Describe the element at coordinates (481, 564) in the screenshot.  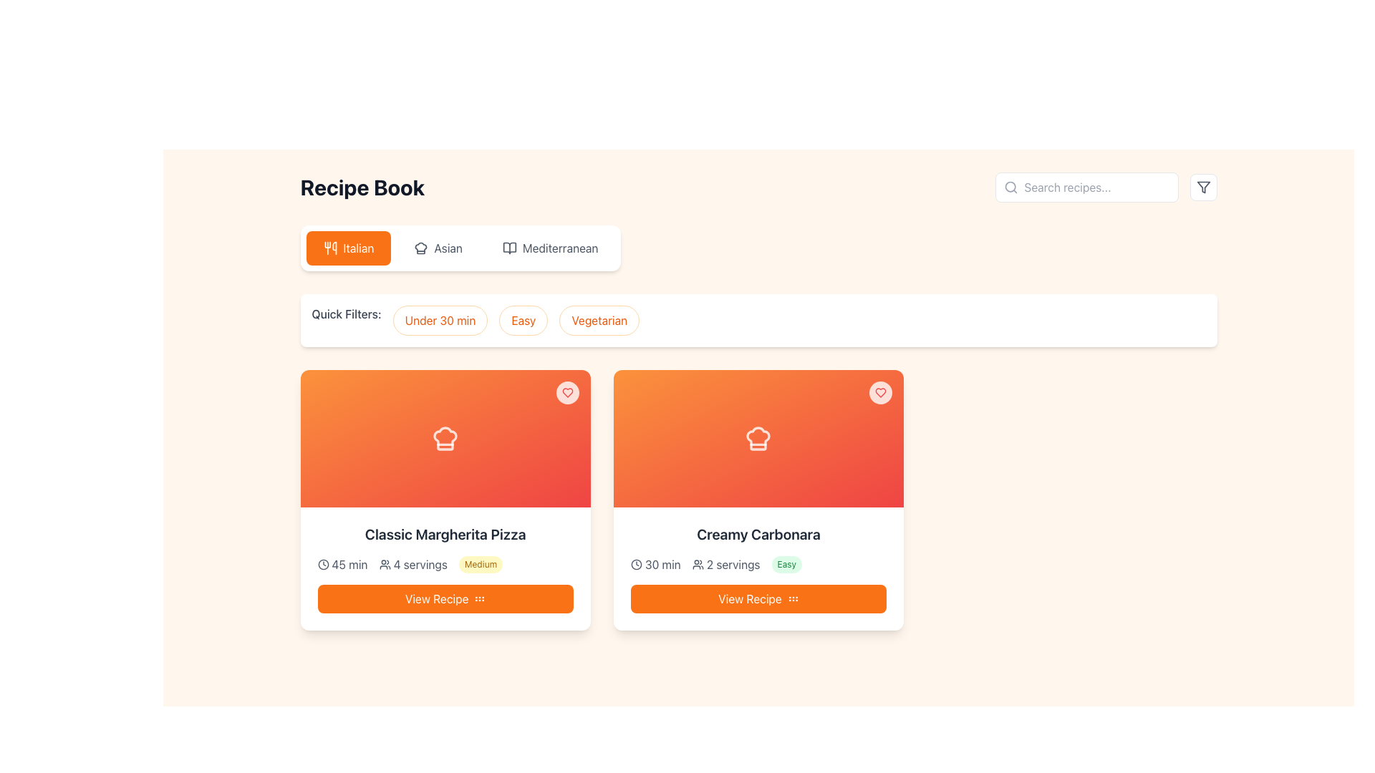
I see `the difficulty level indicator label or badge located at the bottom section of the 'Classic Margherita Pizza' card, positioned to the right of '4 servings' and beneath '45 min'` at that location.